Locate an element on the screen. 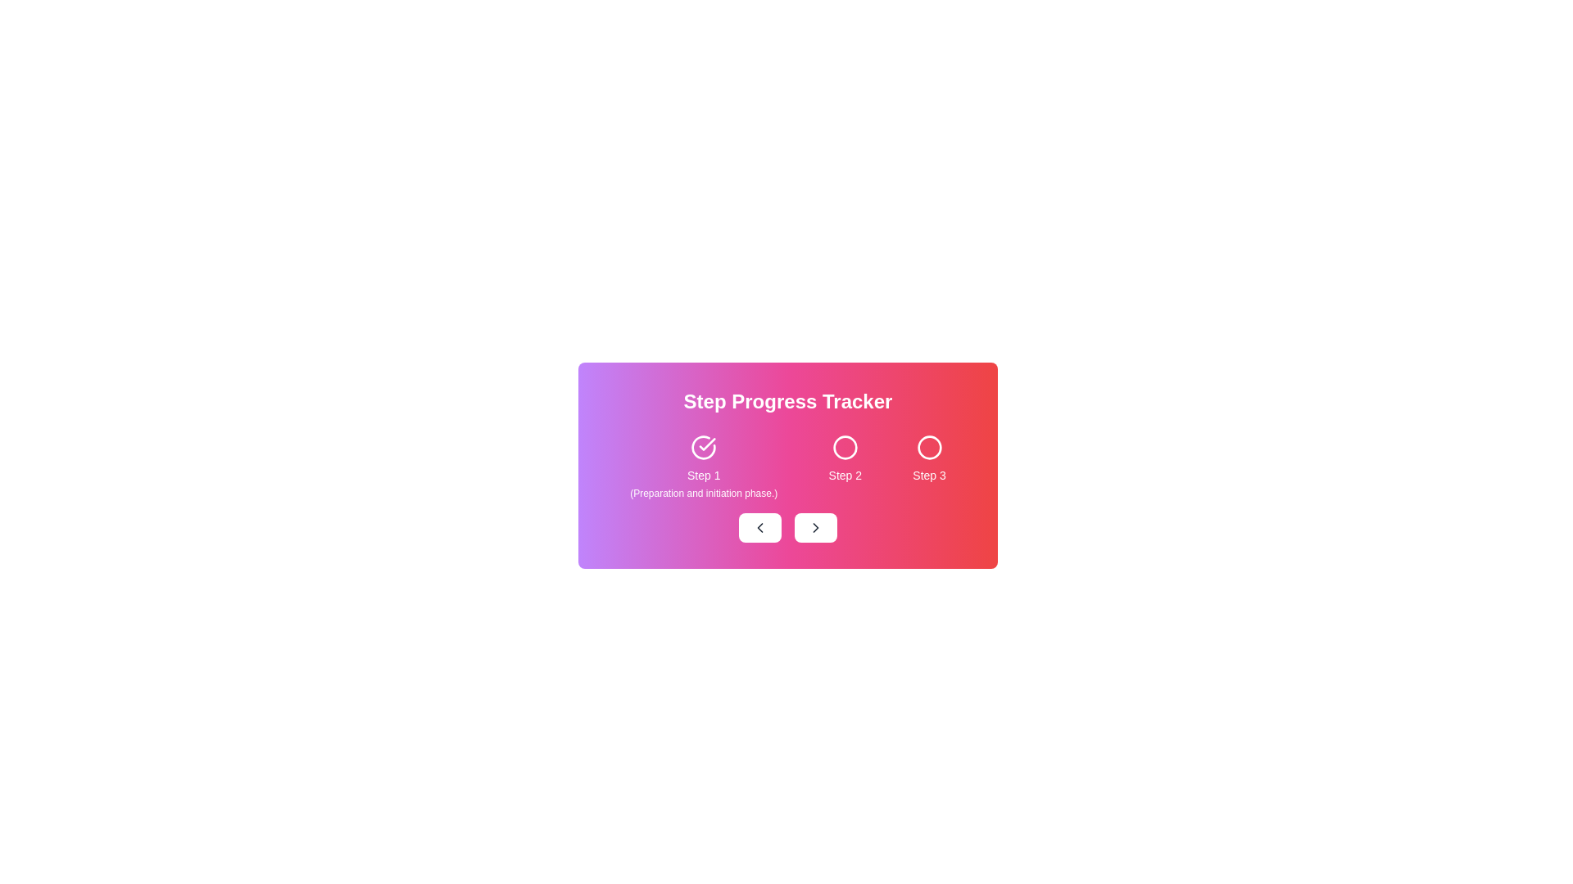 The image size is (1573, 884). the rightward-pointing chevron icon embedded within the button located in the bottom-right corner of a rounded rectangle button is located at coordinates (816, 527).